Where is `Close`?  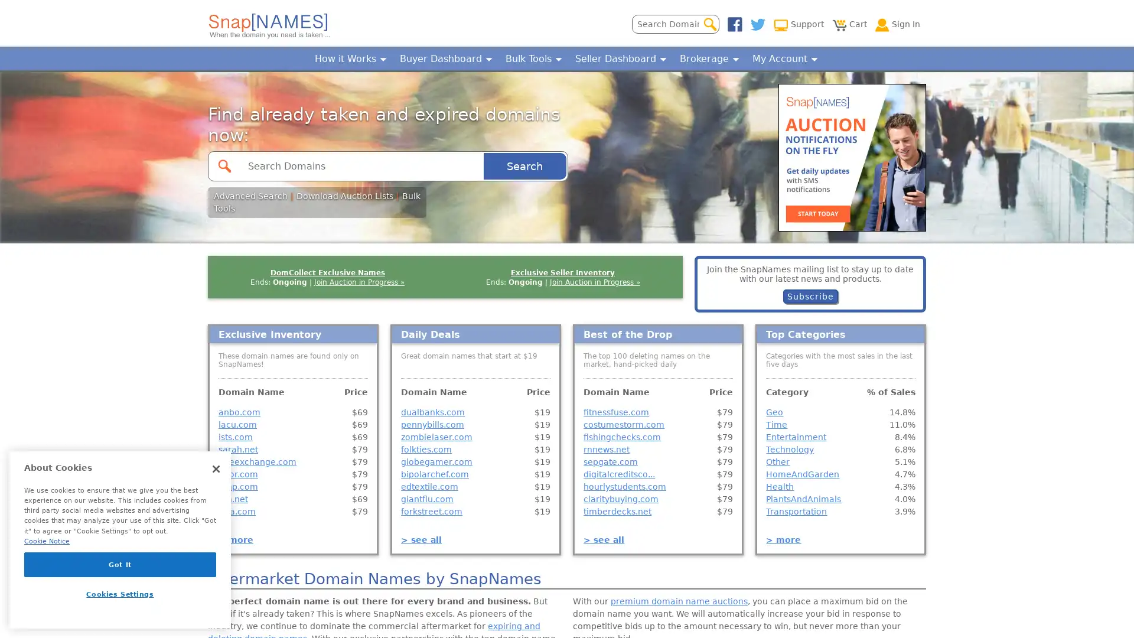
Close is located at coordinates (216, 468).